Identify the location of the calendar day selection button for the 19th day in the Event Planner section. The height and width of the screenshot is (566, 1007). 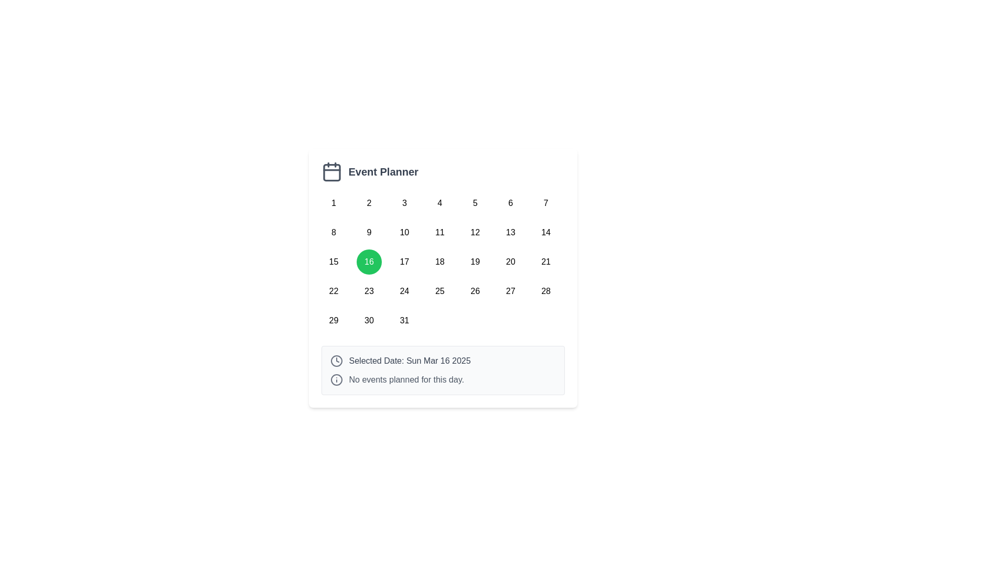
(475, 262).